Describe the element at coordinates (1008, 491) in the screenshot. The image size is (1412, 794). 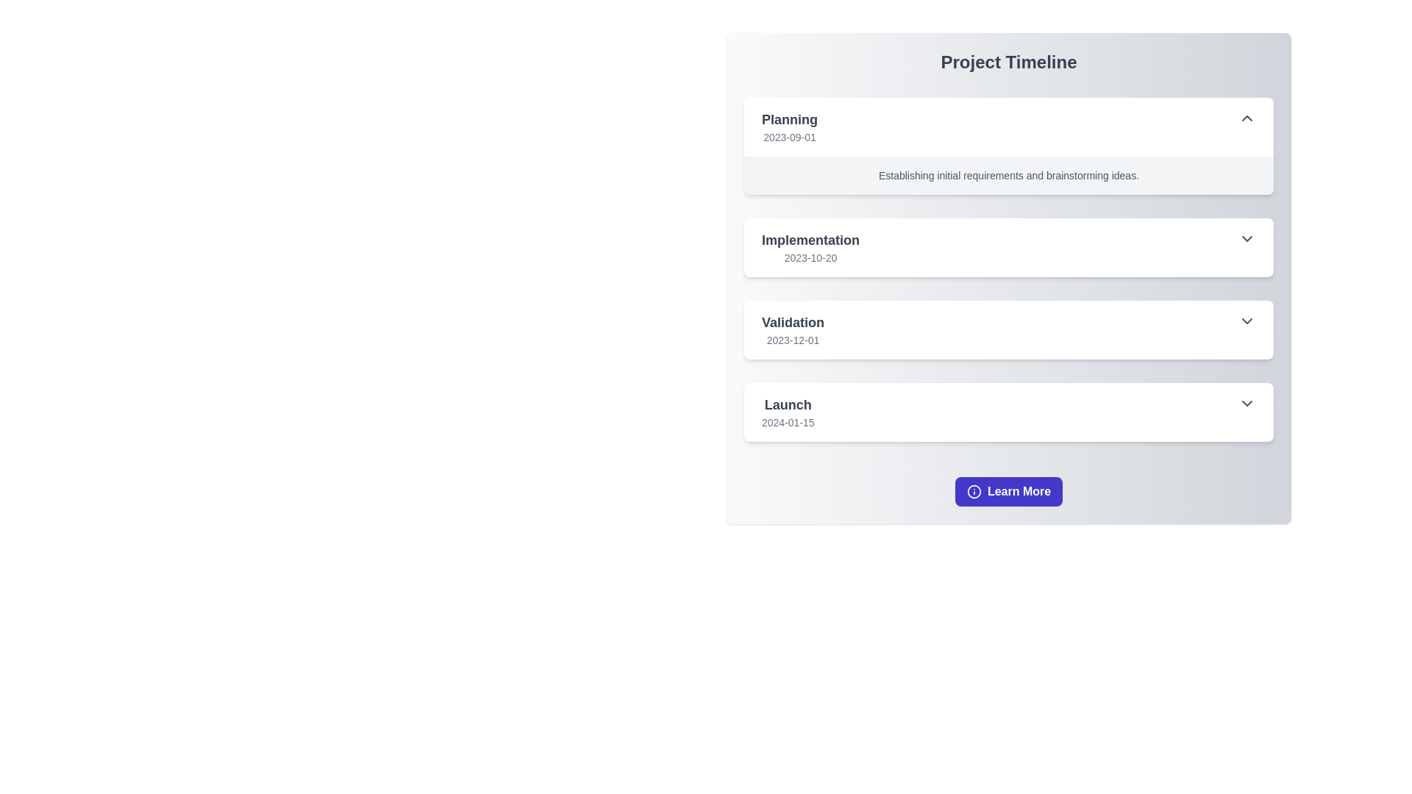
I see `the 'Learn More' button styled with an indigo background and white text, located at the bottom of the 'Project Timeline' section` at that location.